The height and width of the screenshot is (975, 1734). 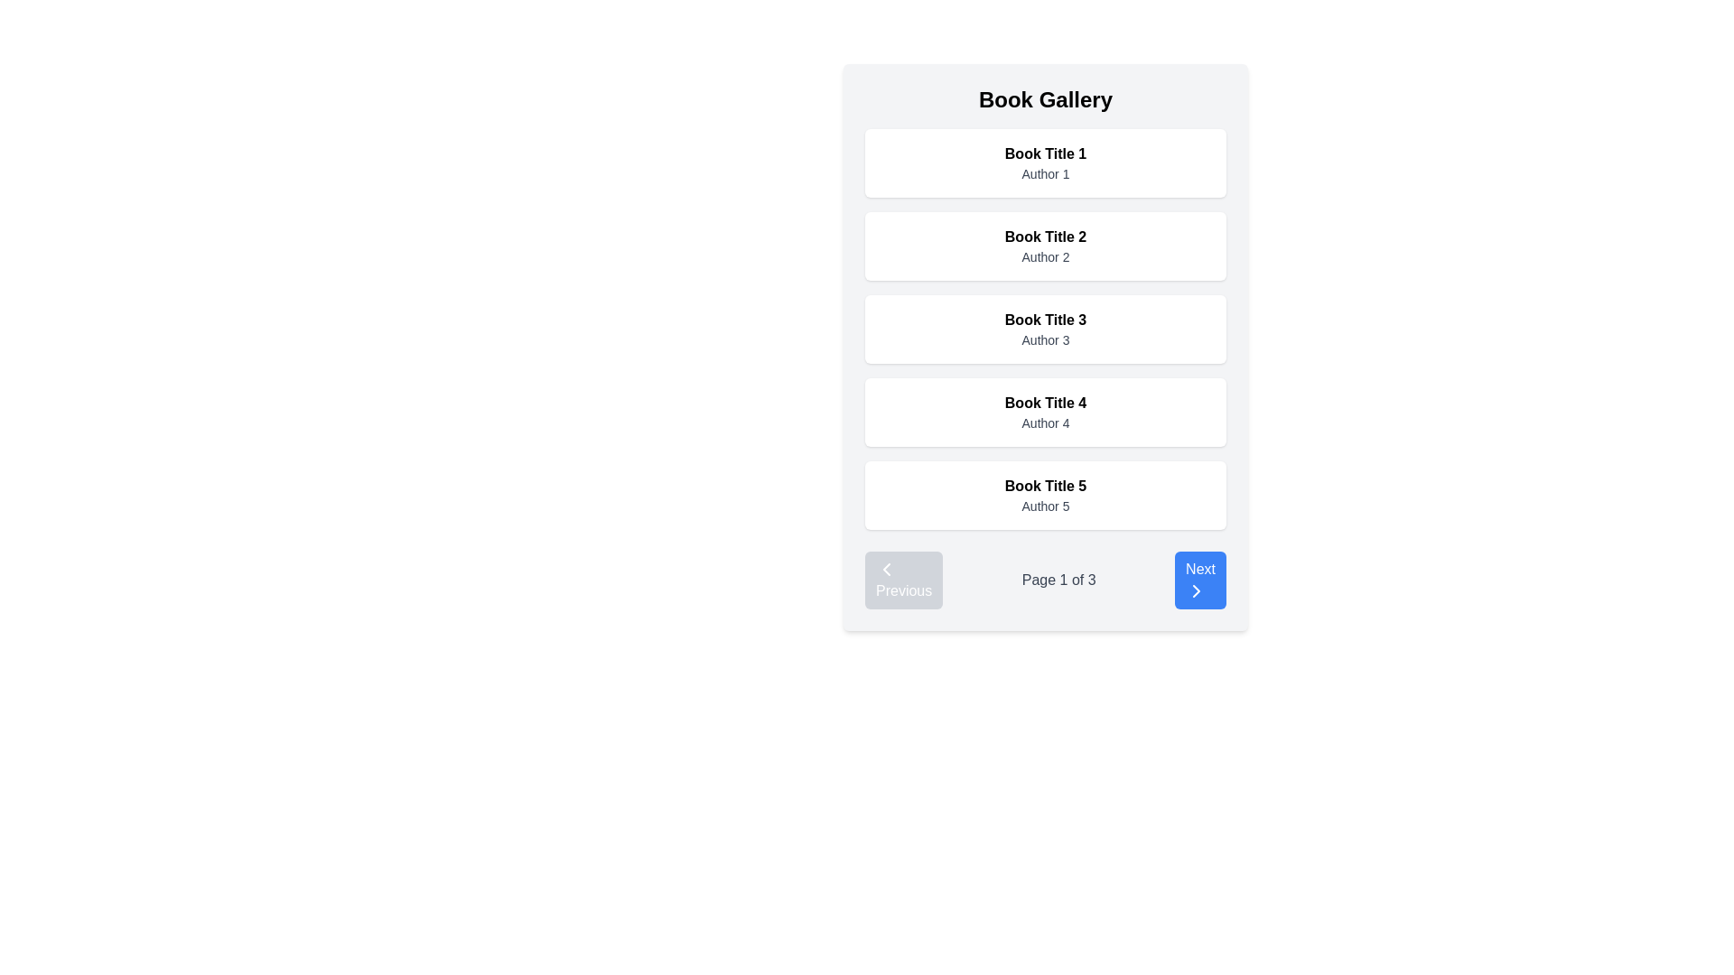 I want to click on text of the bold 'Book Title 2' label located centrally in the second card of the book entries list, above 'Author 2', so click(x=1045, y=236).